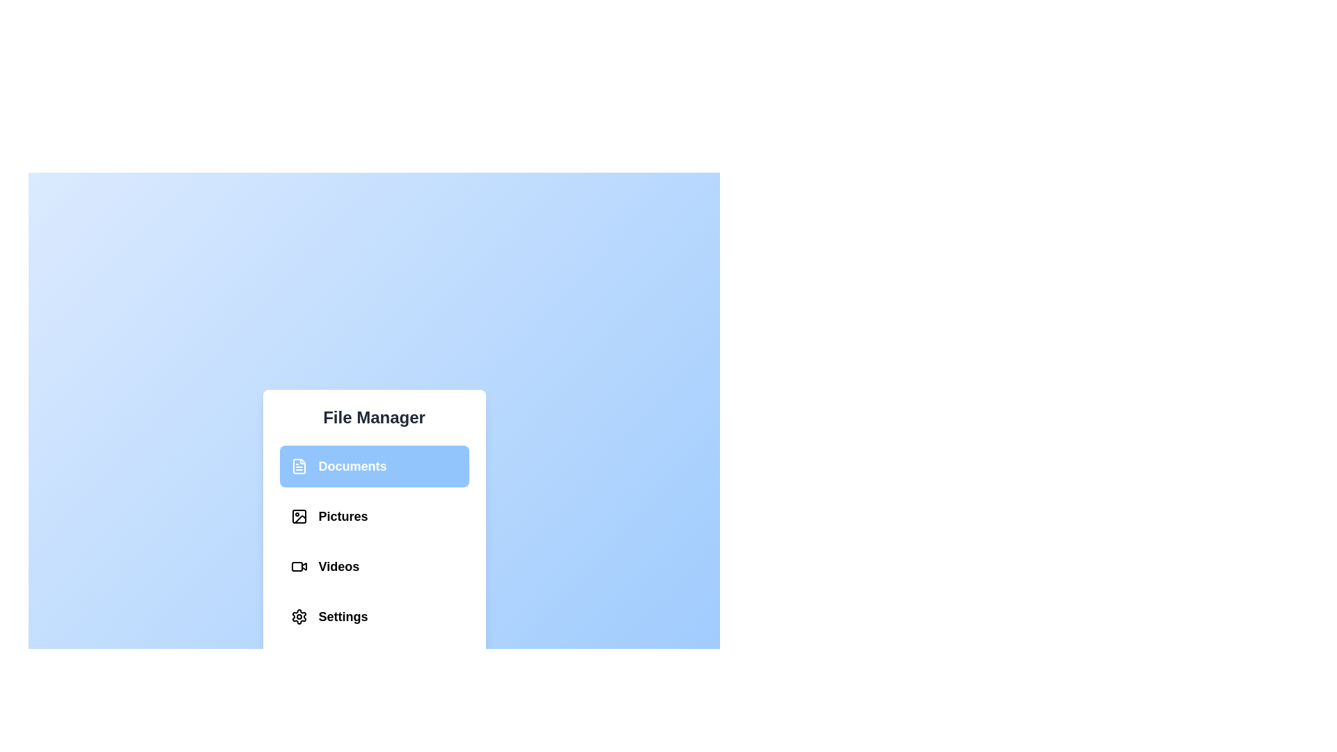  What do you see at coordinates (374, 516) in the screenshot?
I see `the menu item labeled Pictures` at bounding box center [374, 516].